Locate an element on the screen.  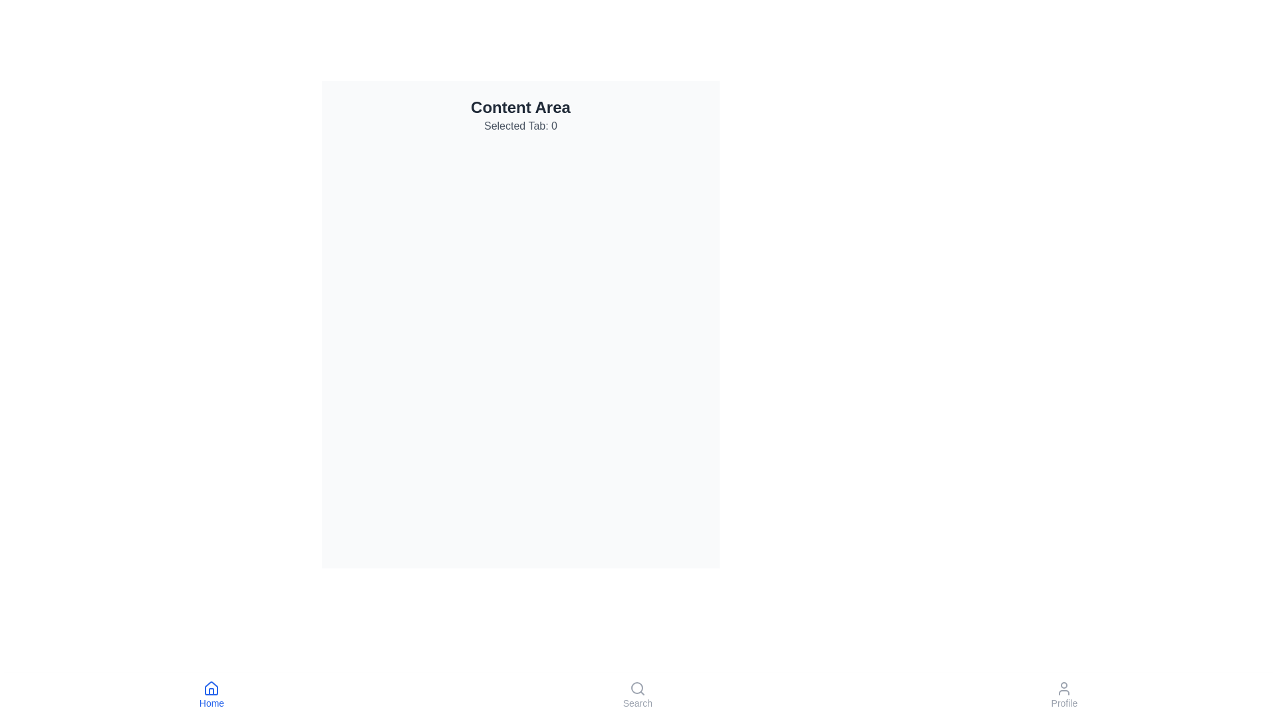
the 'Home' icon located centrally at the bottom of the interface is located at coordinates (211, 688).